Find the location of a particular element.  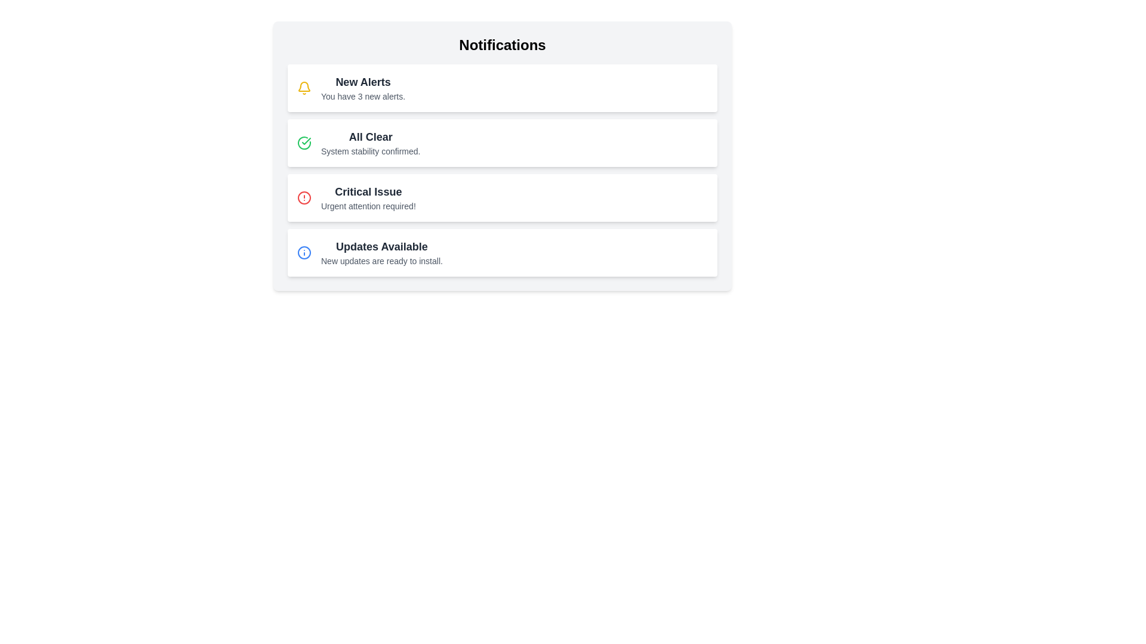

text label that states 'New updates are ready to install.' located within the Notifications panel, beneath the 'Updates Available' heading is located at coordinates (381, 261).